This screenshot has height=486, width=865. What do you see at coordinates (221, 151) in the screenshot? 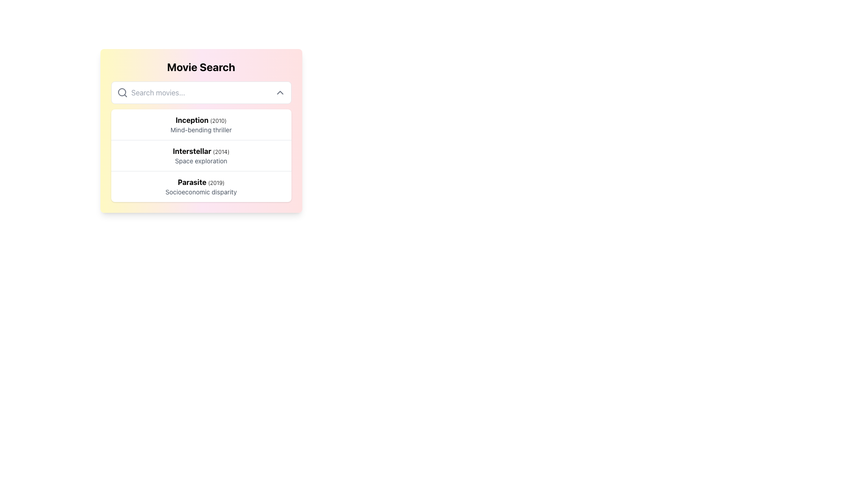
I see `the small text element displaying '(2014)' located to the right of the title 'Interstellar' in the second movie entry of the list under 'Movie Search'` at bounding box center [221, 151].